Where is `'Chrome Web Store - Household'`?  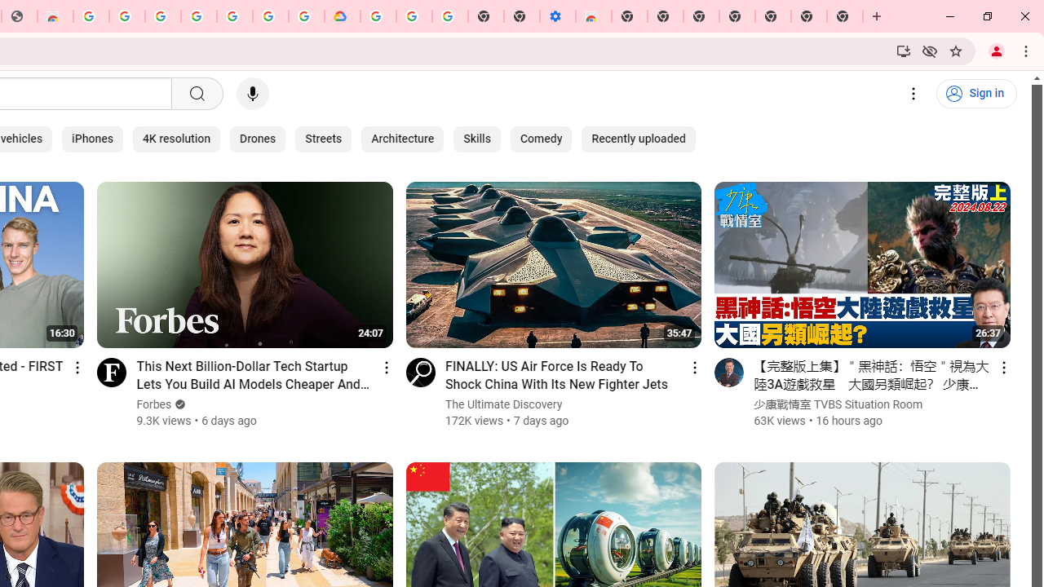 'Chrome Web Store - Household' is located at coordinates (55, 16).